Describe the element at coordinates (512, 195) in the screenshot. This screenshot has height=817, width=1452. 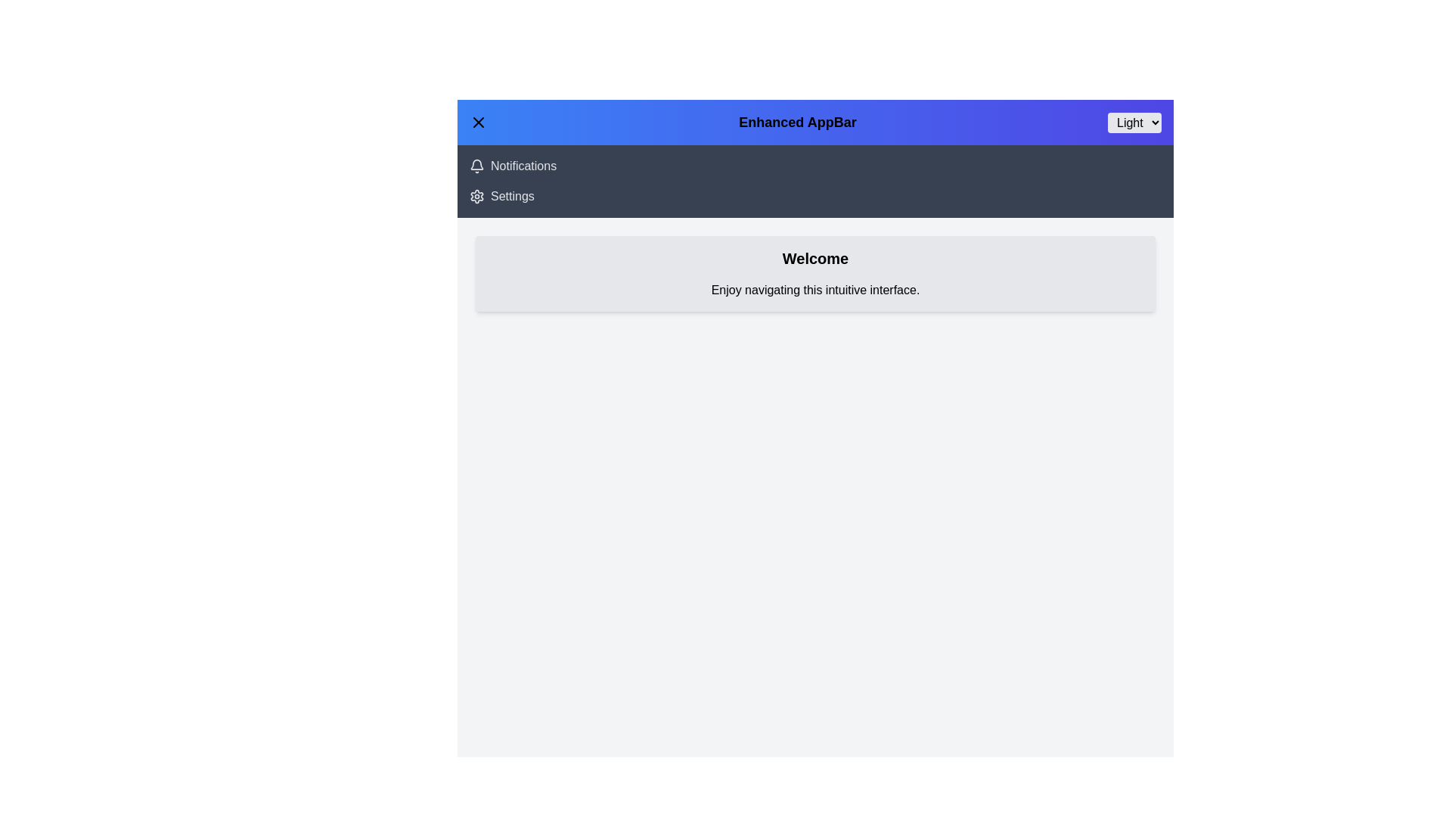
I see `the 'Settings' navigation link` at that location.